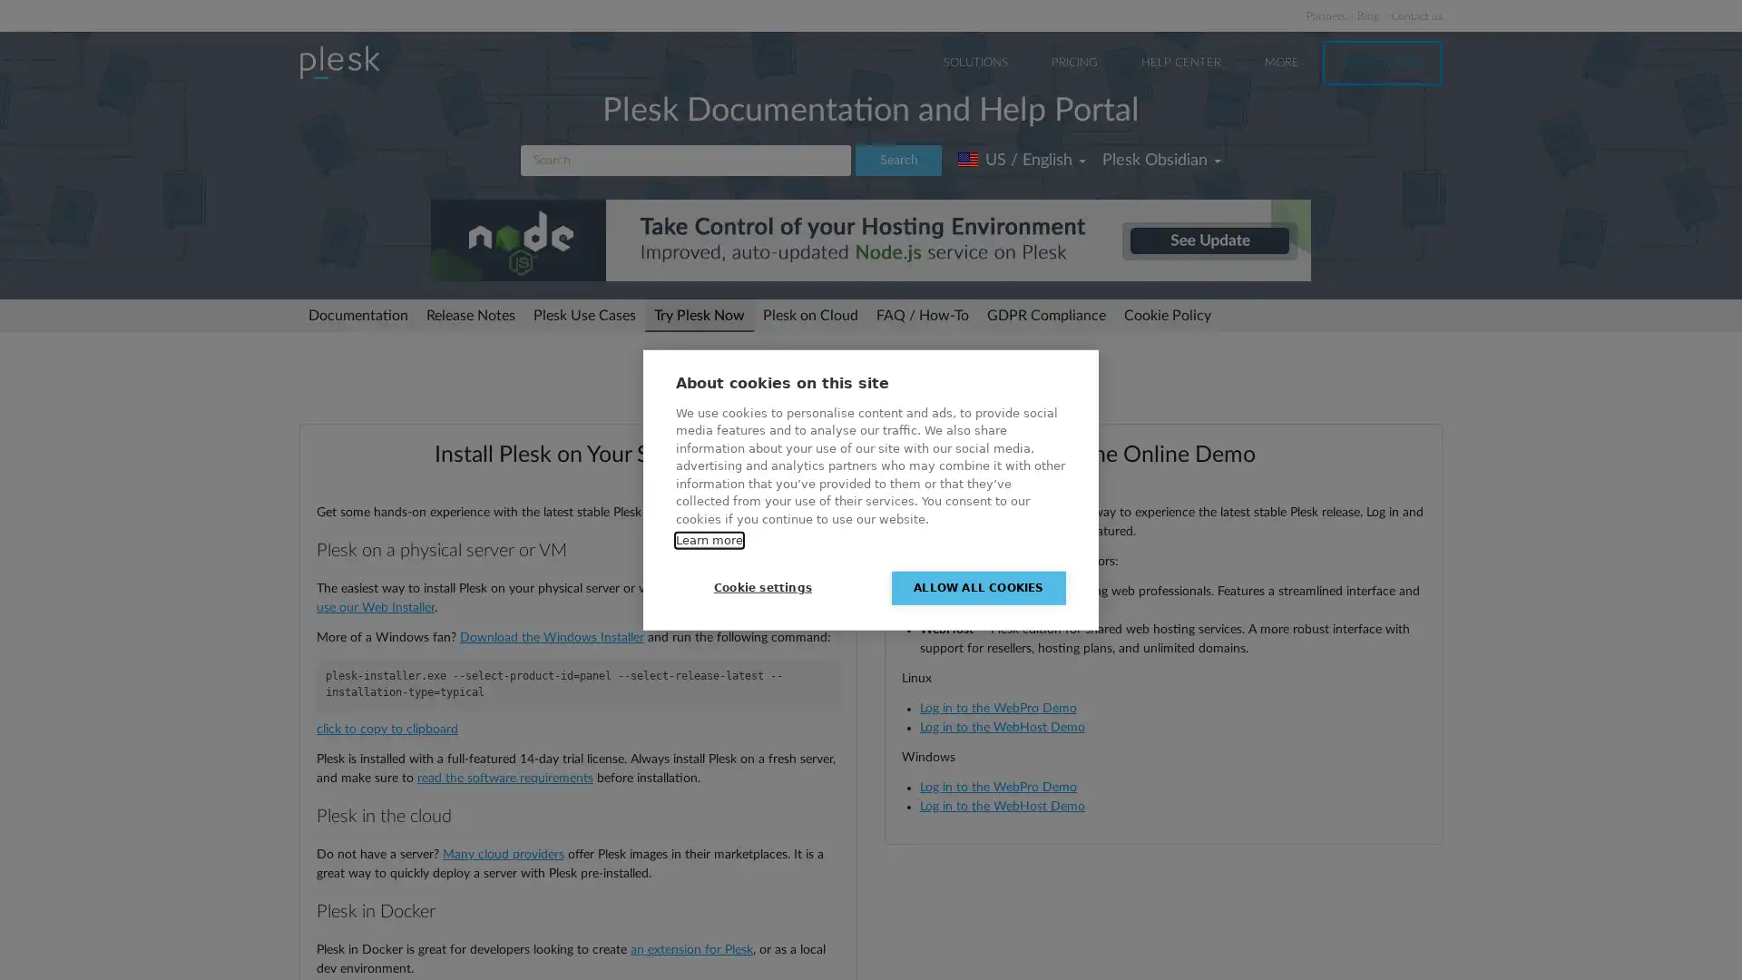 The height and width of the screenshot is (980, 1742). Describe the element at coordinates (978, 587) in the screenshot. I see `ALLOW ALL COOKIES` at that location.